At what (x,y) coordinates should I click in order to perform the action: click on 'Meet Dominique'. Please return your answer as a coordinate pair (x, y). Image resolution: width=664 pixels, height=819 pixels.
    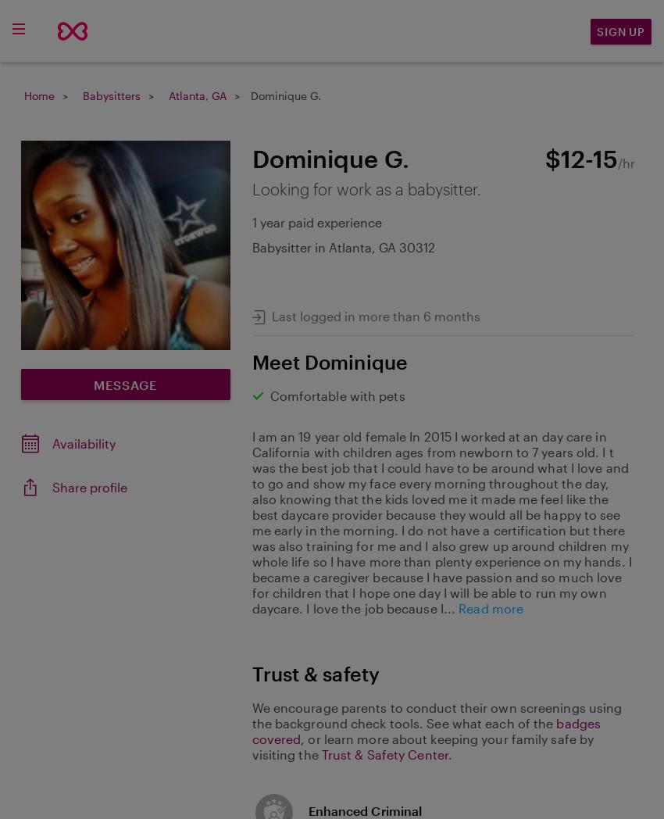
    Looking at the image, I should click on (329, 359).